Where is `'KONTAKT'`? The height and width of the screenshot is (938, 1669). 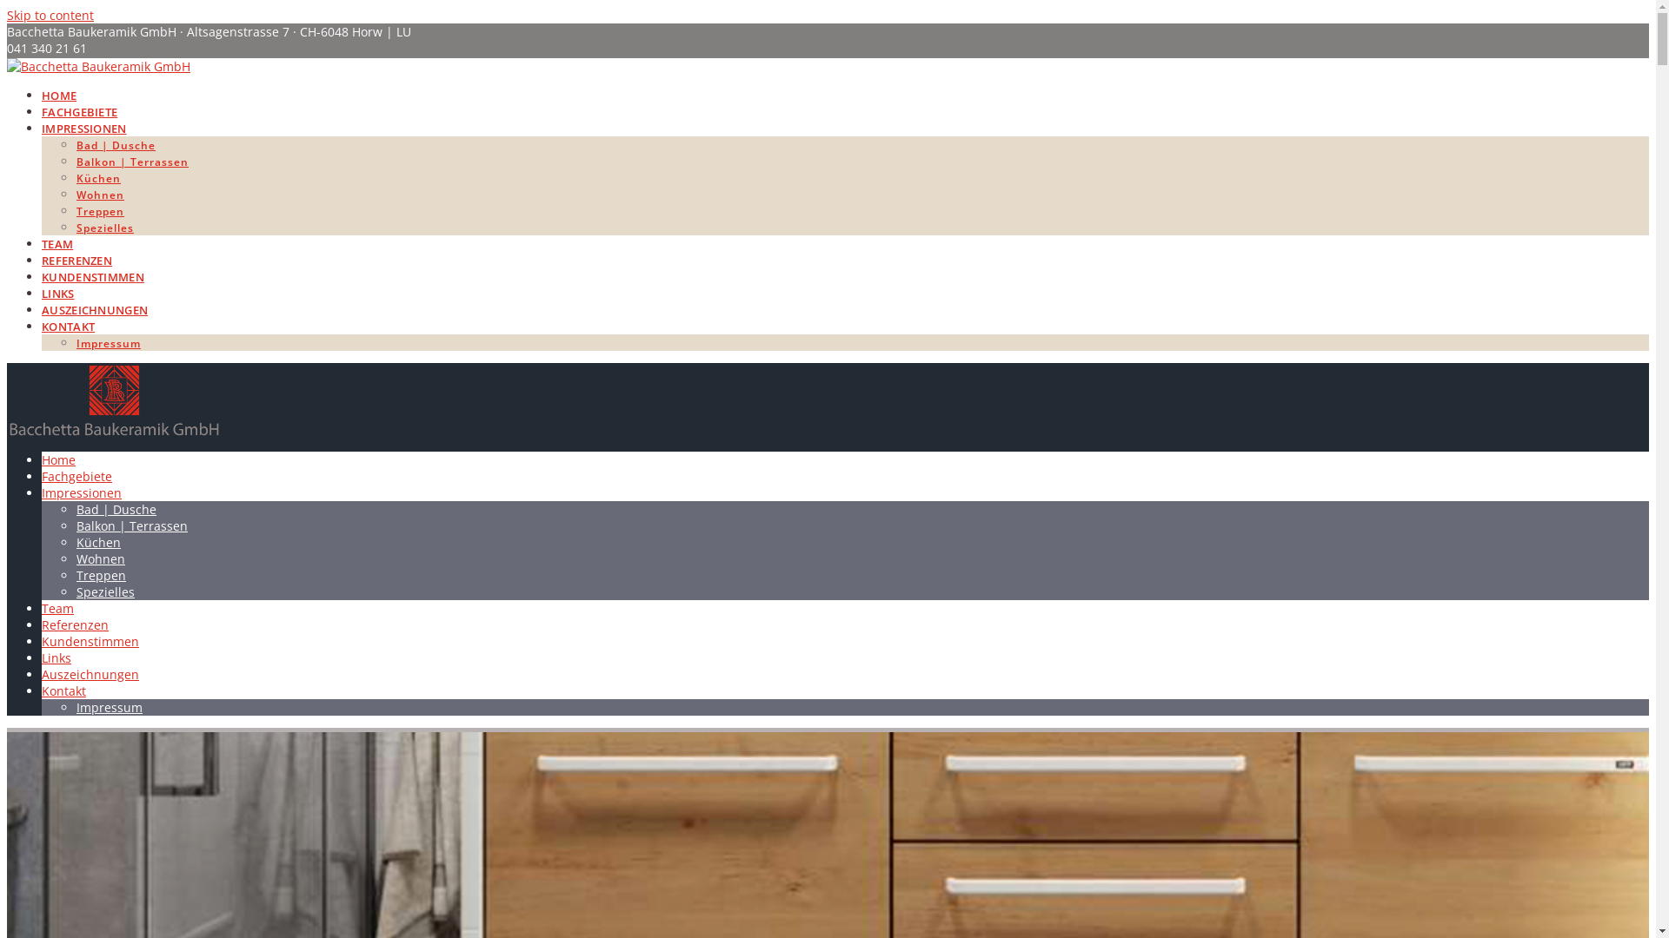
'KONTAKT' is located at coordinates (68, 327).